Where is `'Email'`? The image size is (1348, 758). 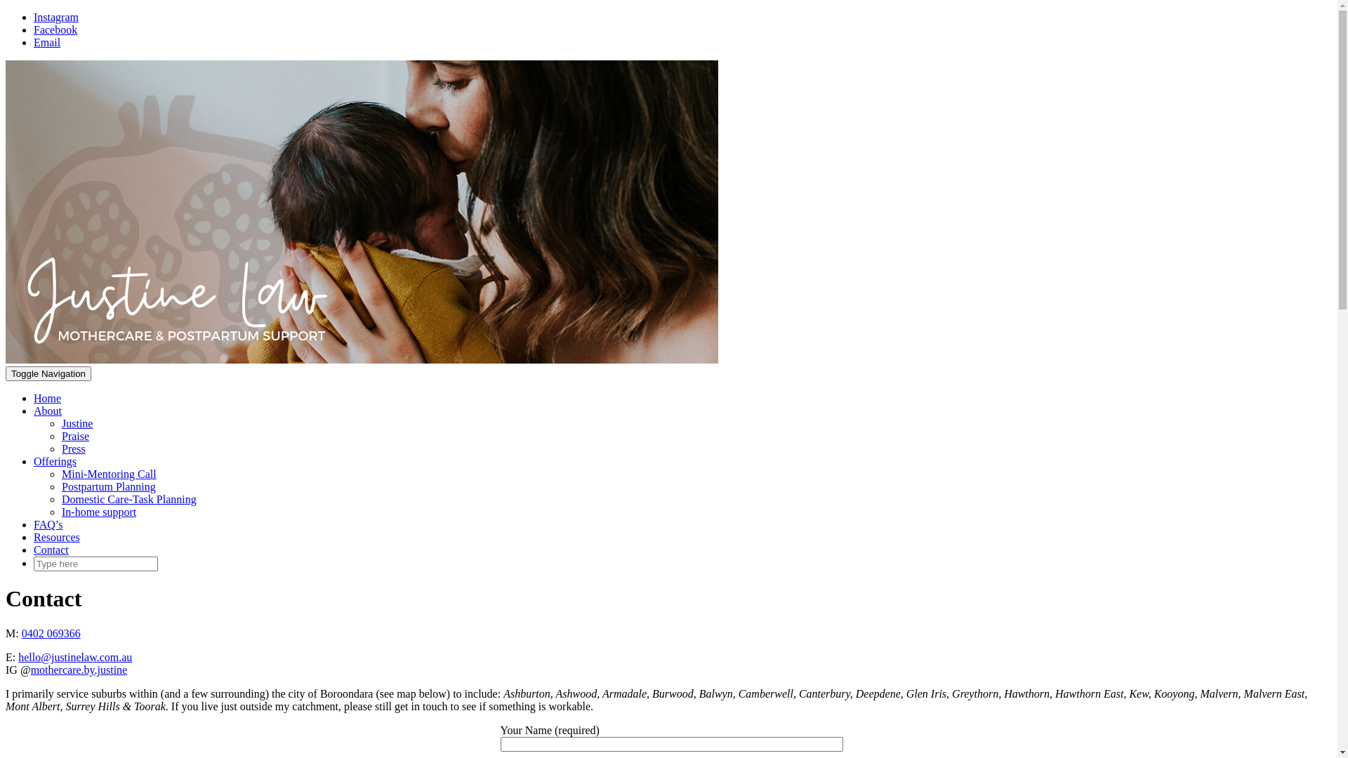 'Email' is located at coordinates (47, 41).